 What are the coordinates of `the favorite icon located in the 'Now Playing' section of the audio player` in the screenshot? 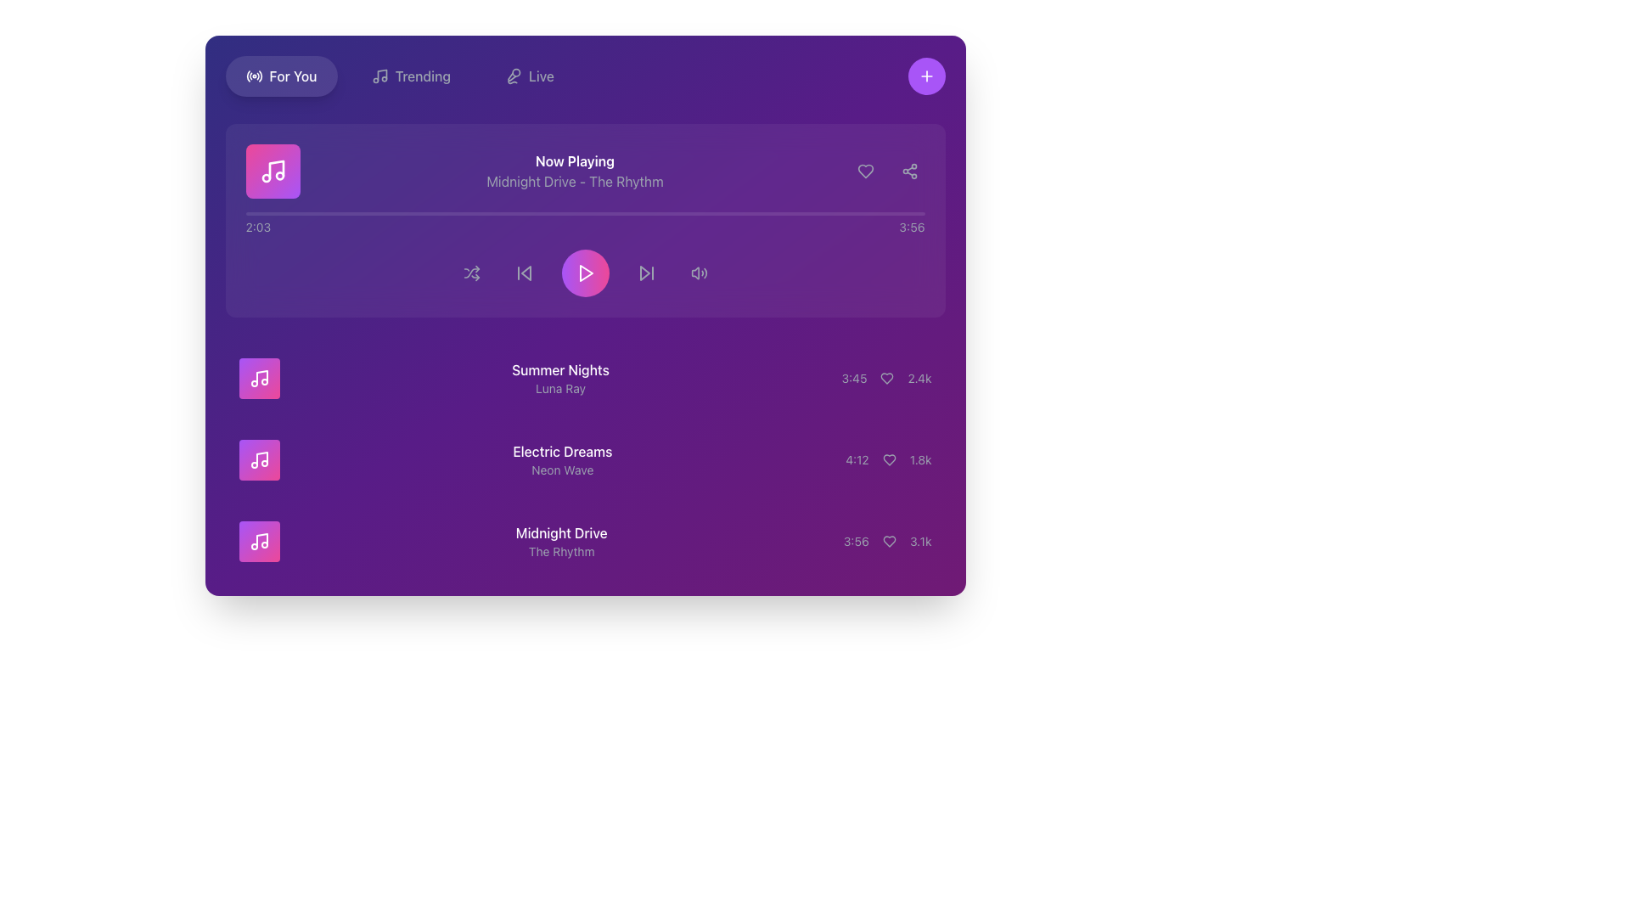 It's located at (865, 171).